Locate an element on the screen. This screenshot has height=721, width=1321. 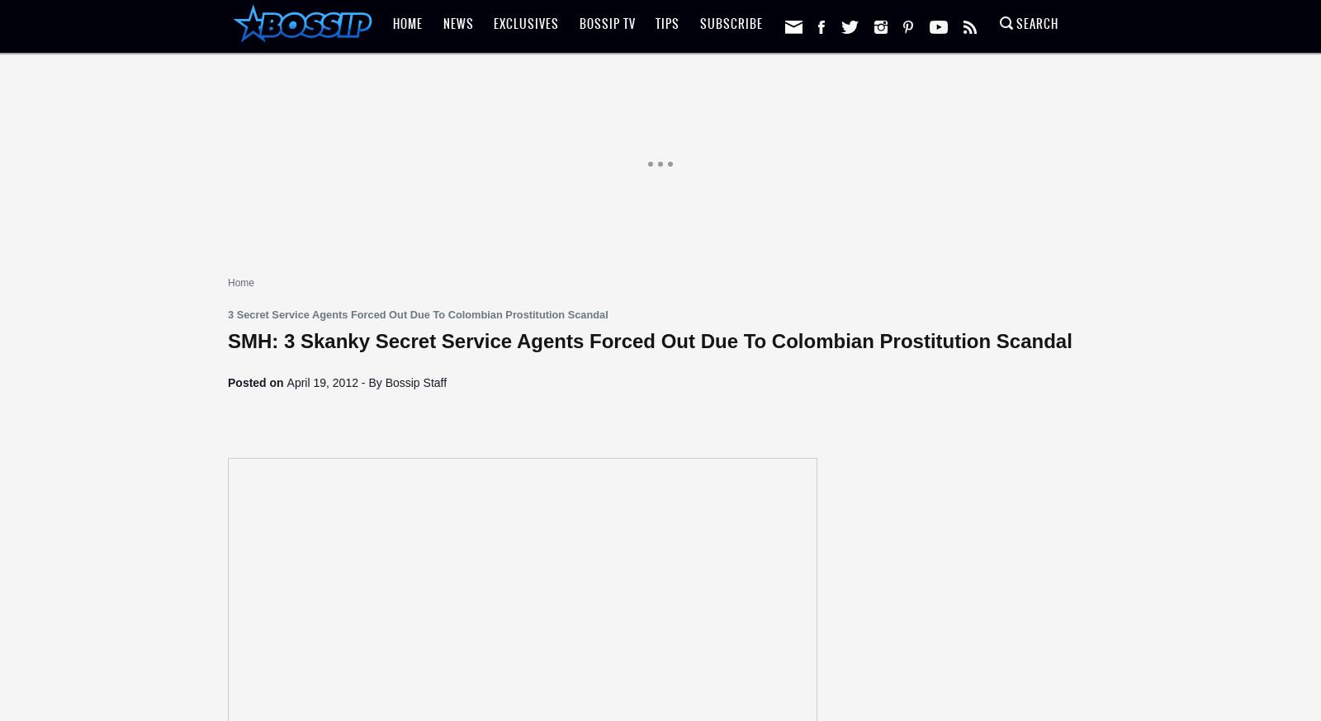
'SMH: 3 Skanky Secret Service Agents Forced Out Due To Colombian Prostitution Scandal' is located at coordinates (650, 341).